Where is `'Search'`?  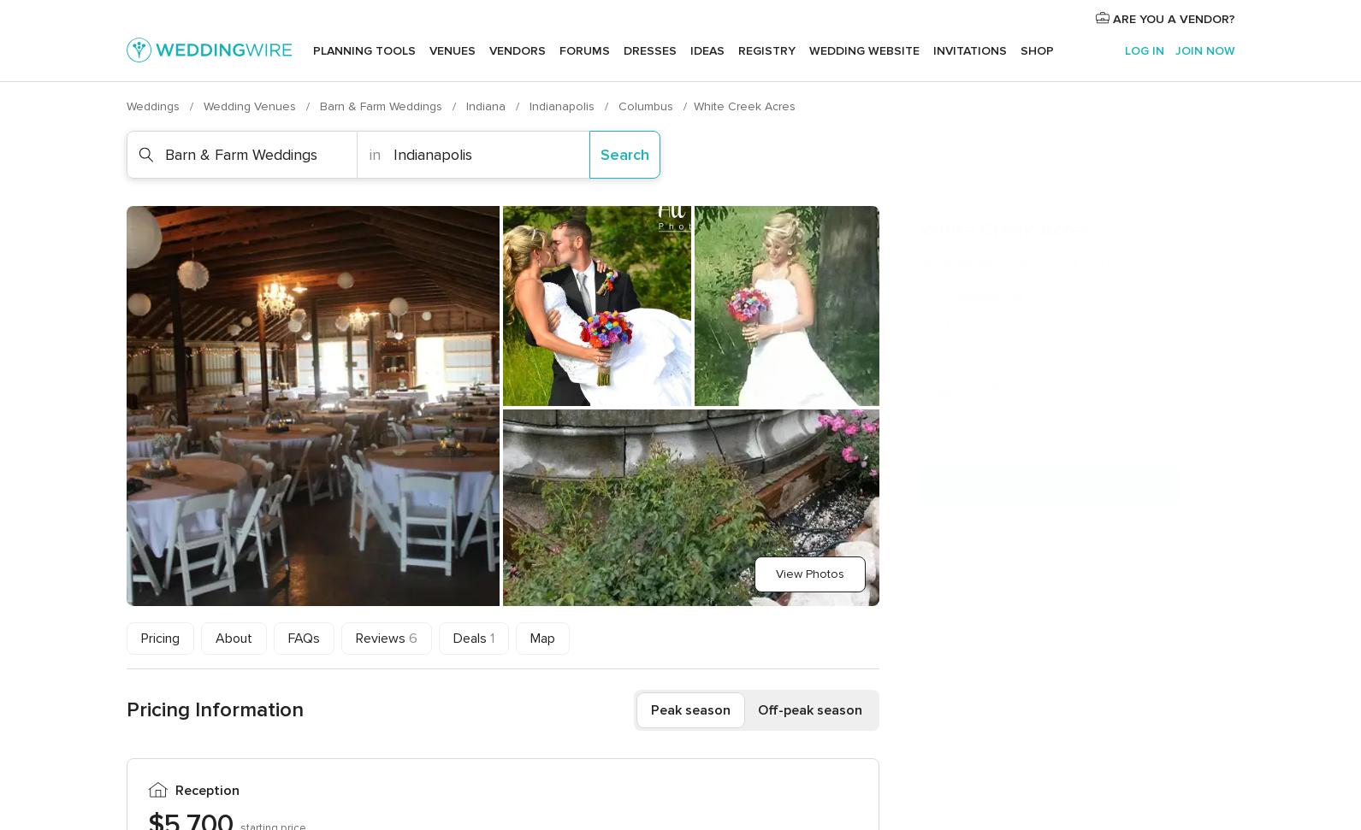 'Search' is located at coordinates (624, 153).